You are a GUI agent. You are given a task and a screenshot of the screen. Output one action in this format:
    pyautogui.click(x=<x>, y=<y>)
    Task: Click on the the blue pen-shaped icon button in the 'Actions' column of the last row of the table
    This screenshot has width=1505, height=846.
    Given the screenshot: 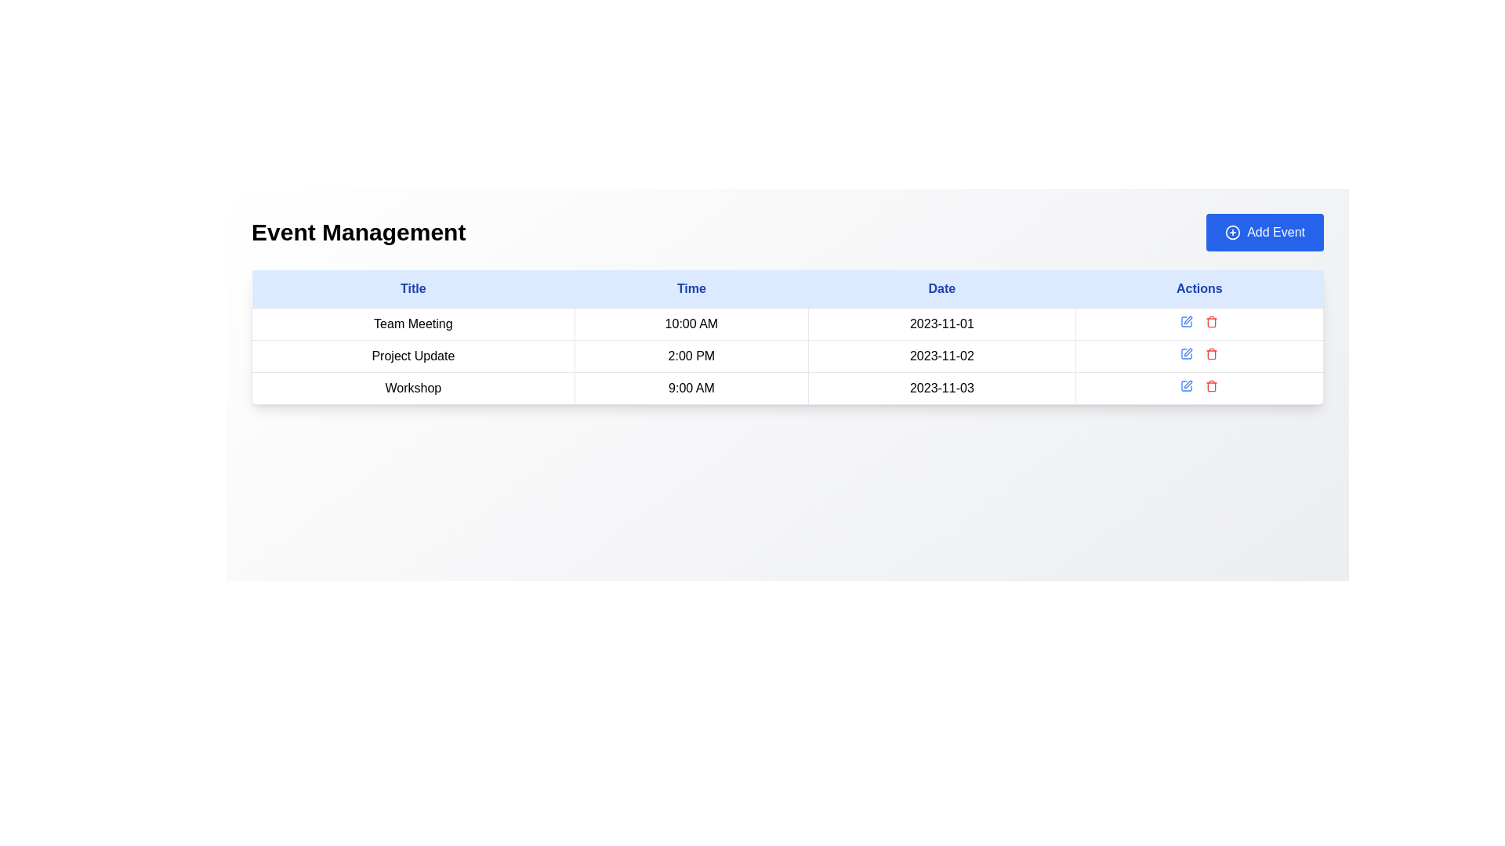 What is the action you would take?
    pyautogui.click(x=1187, y=386)
    